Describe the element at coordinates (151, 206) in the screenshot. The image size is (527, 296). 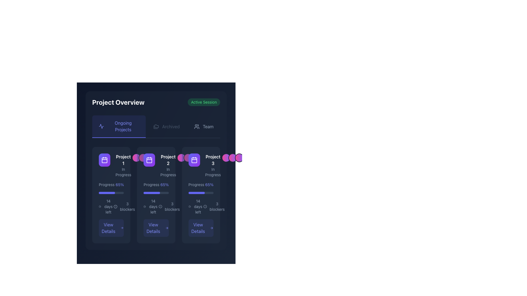
I see `the text label that displays the remaining time (14 days) for the associated task or project, located under the progress bar in the 'Project 2' card` at that location.